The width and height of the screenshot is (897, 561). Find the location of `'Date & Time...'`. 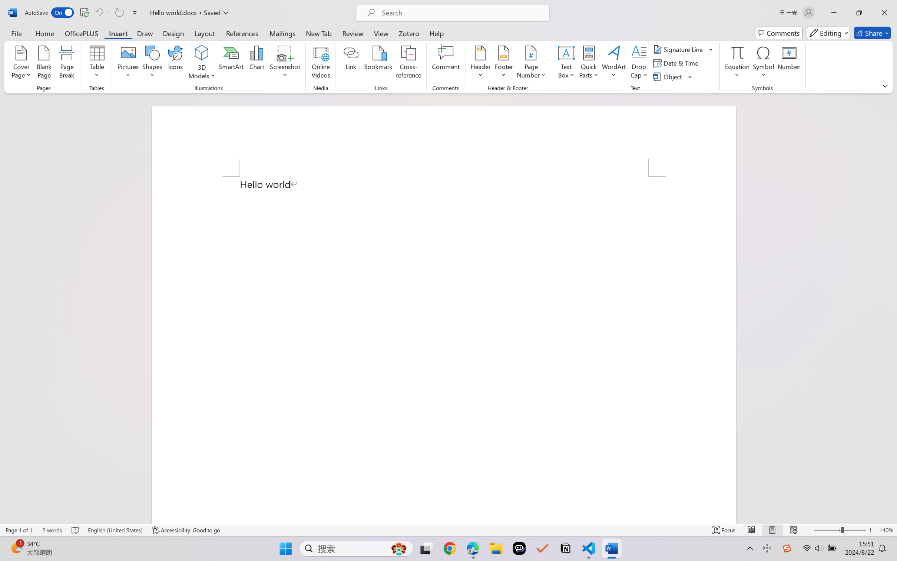

'Date & Time...' is located at coordinates (676, 63).